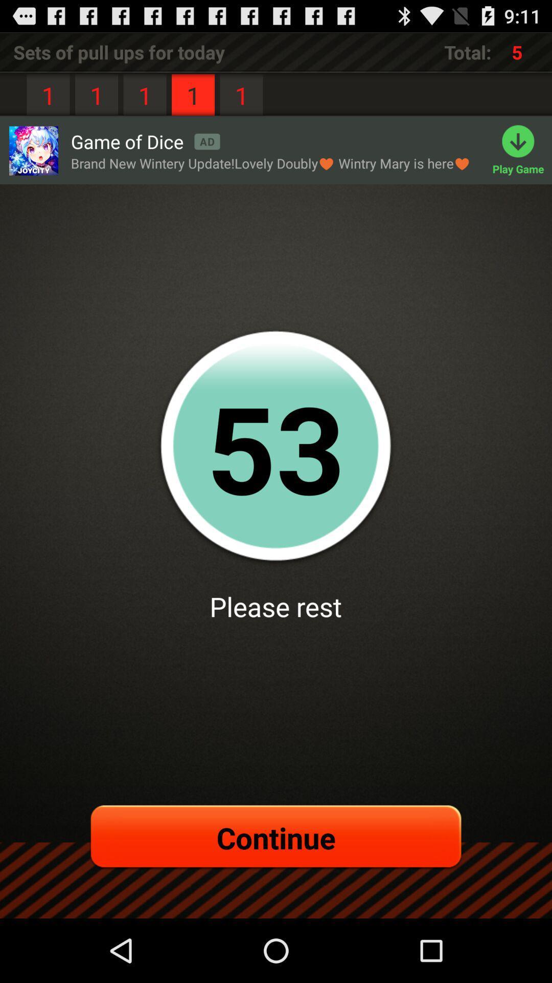 Image resolution: width=552 pixels, height=983 pixels. Describe the element at coordinates (270, 163) in the screenshot. I see `the icon to the left of the play game` at that location.